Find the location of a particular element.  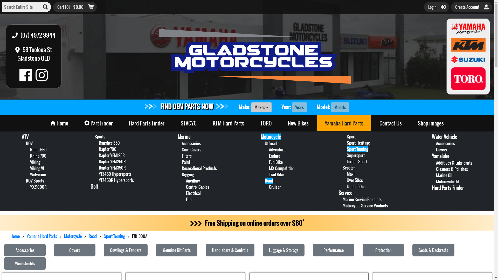

'Windshields' is located at coordinates (25, 263).